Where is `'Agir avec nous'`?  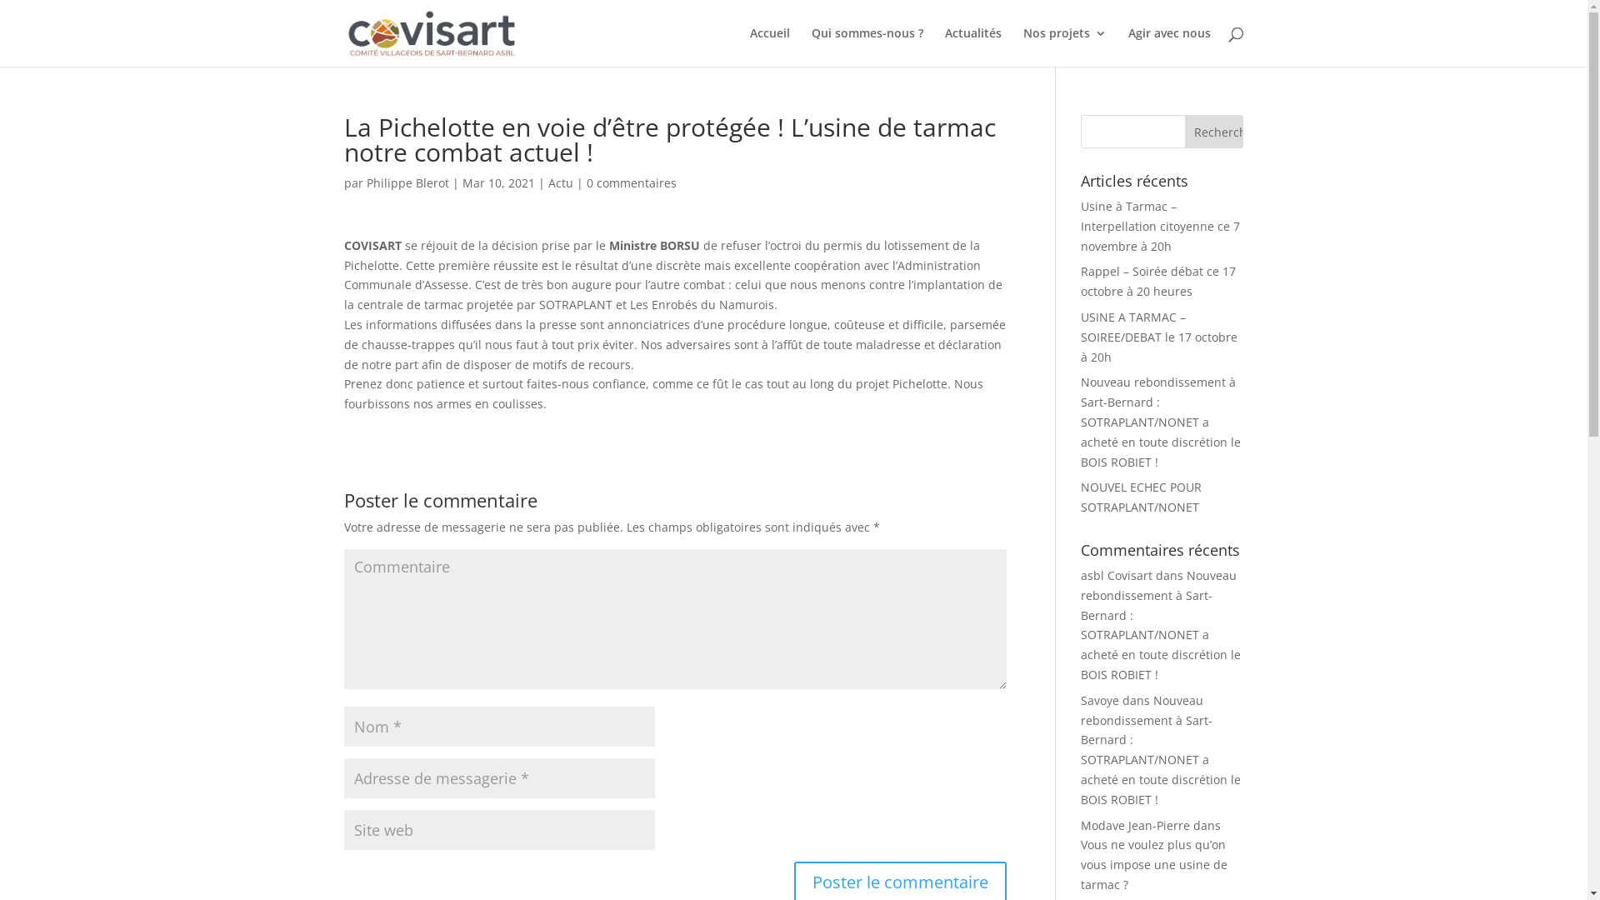
'Agir avec nous' is located at coordinates (1168, 46).